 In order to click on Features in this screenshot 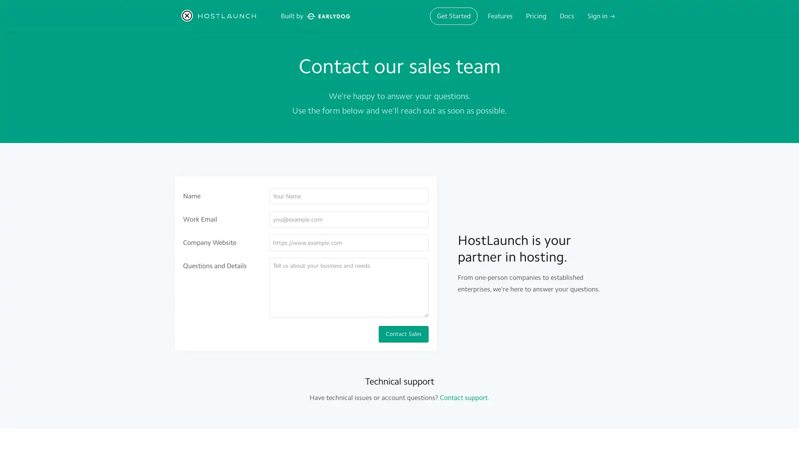, I will do `click(499, 16)`.